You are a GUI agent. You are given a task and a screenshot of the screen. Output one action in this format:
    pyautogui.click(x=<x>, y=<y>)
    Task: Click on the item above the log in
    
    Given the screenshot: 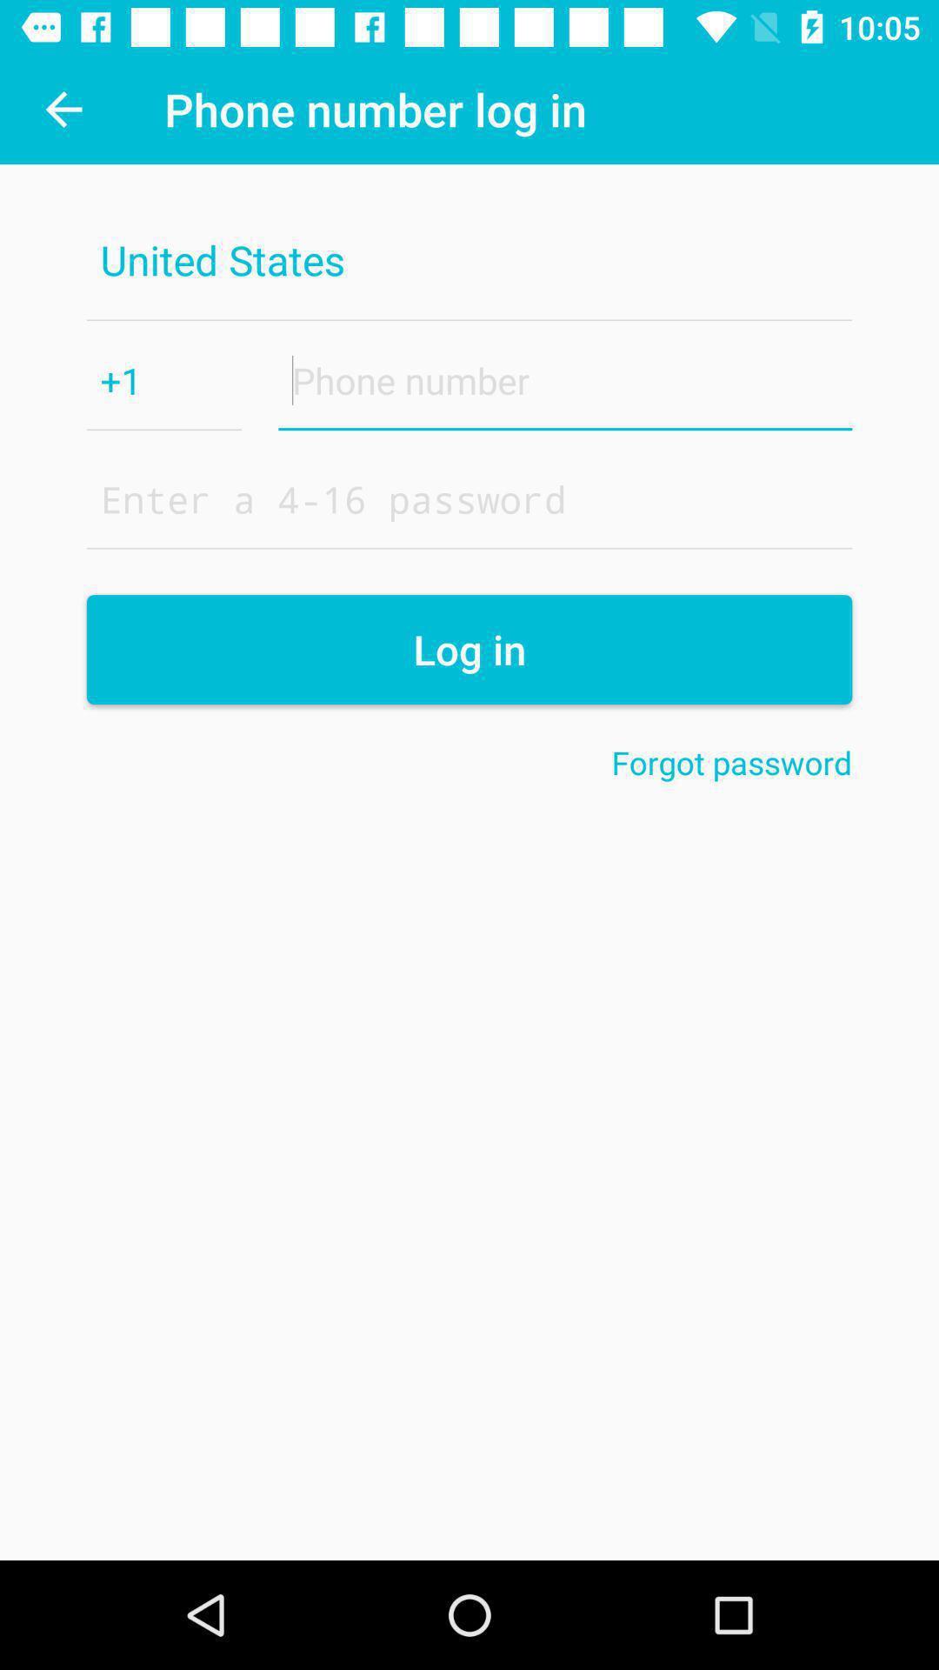 What is the action you would take?
    pyautogui.click(x=469, y=498)
    